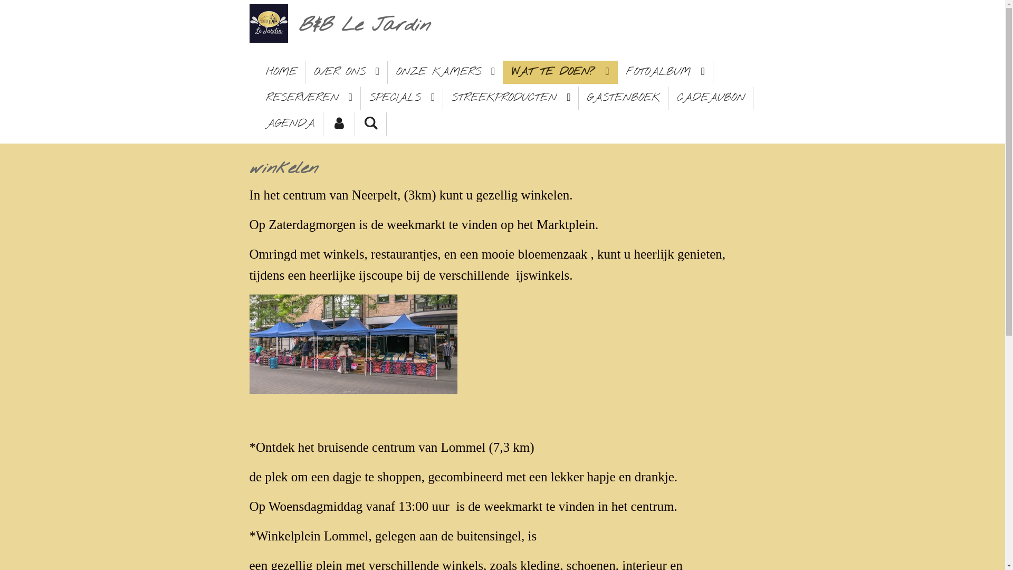  I want to click on 'FOTOALBUM', so click(664, 72).